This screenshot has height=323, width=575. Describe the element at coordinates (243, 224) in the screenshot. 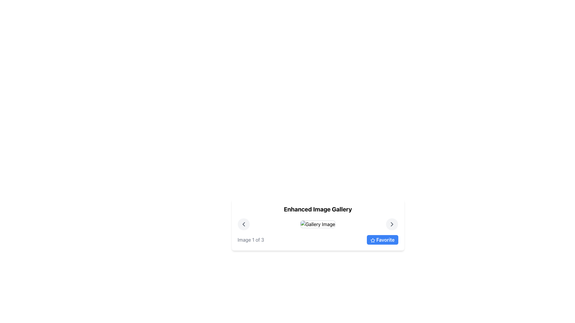

I see `the left-facing chevron button, which is styled with a dark color and located within a circular light-gray background` at that location.